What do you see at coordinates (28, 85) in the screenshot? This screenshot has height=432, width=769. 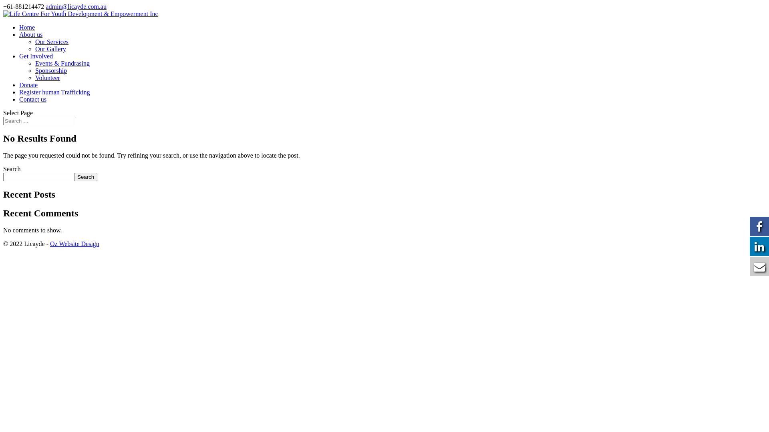 I see `'Donate'` at bounding box center [28, 85].